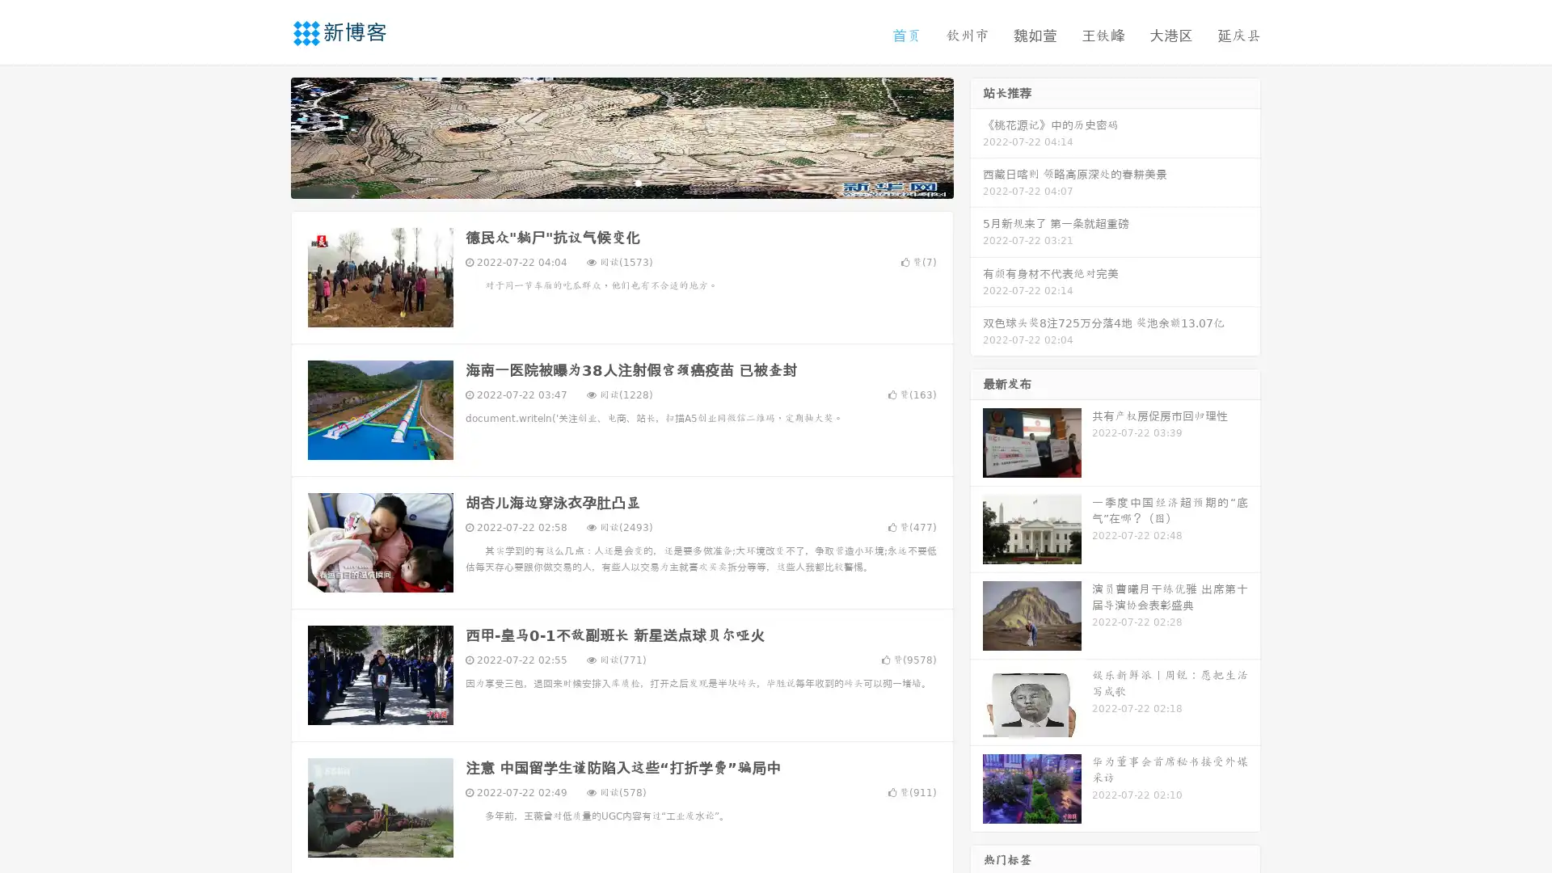 This screenshot has height=873, width=1552. What do you see at coordinates (976, 136) in the screenshot?
I see `Next slide` at bounding box center [976, 136].